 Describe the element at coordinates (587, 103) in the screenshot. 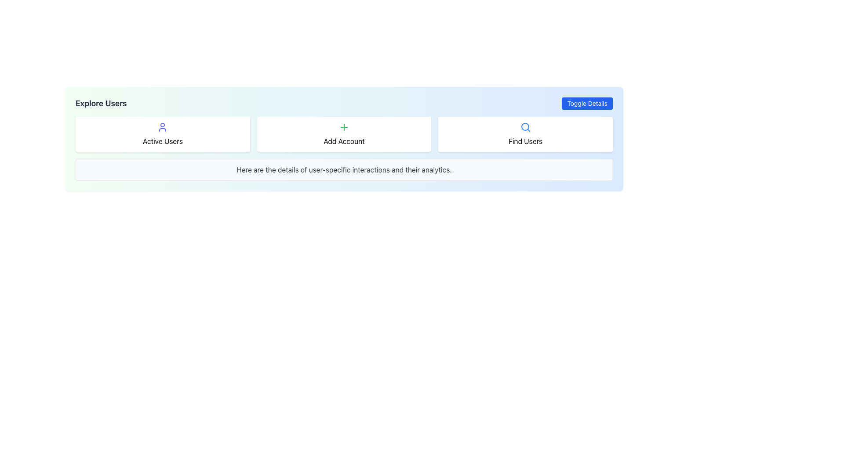

I see `the 'Toggle Details' button` at that location.